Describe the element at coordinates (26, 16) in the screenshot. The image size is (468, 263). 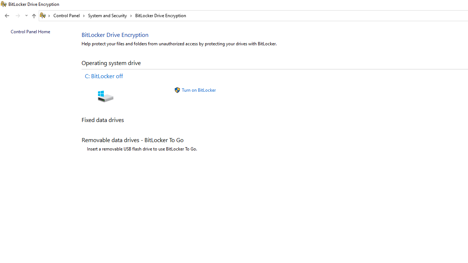
I see `'Recent locations'` at that location.